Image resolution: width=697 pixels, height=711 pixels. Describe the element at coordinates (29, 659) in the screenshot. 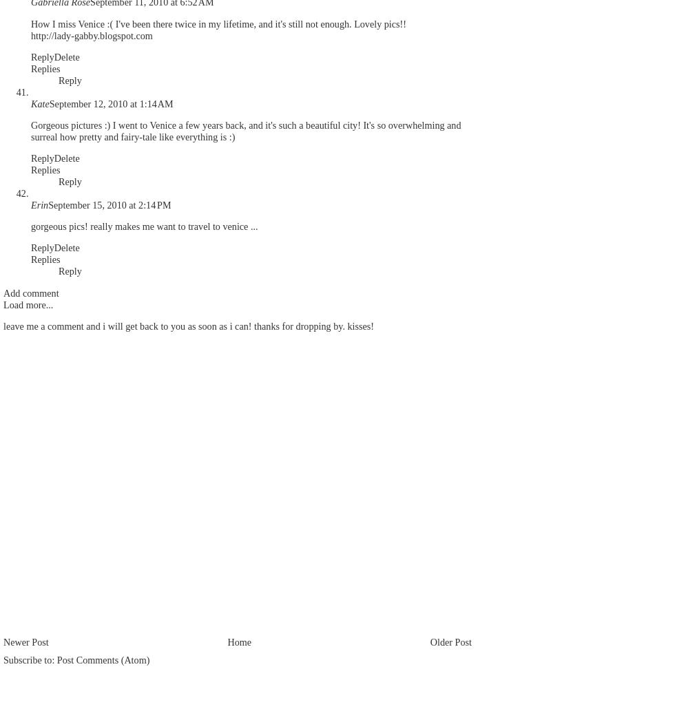

I see `'Subscribe to:'` at that location.